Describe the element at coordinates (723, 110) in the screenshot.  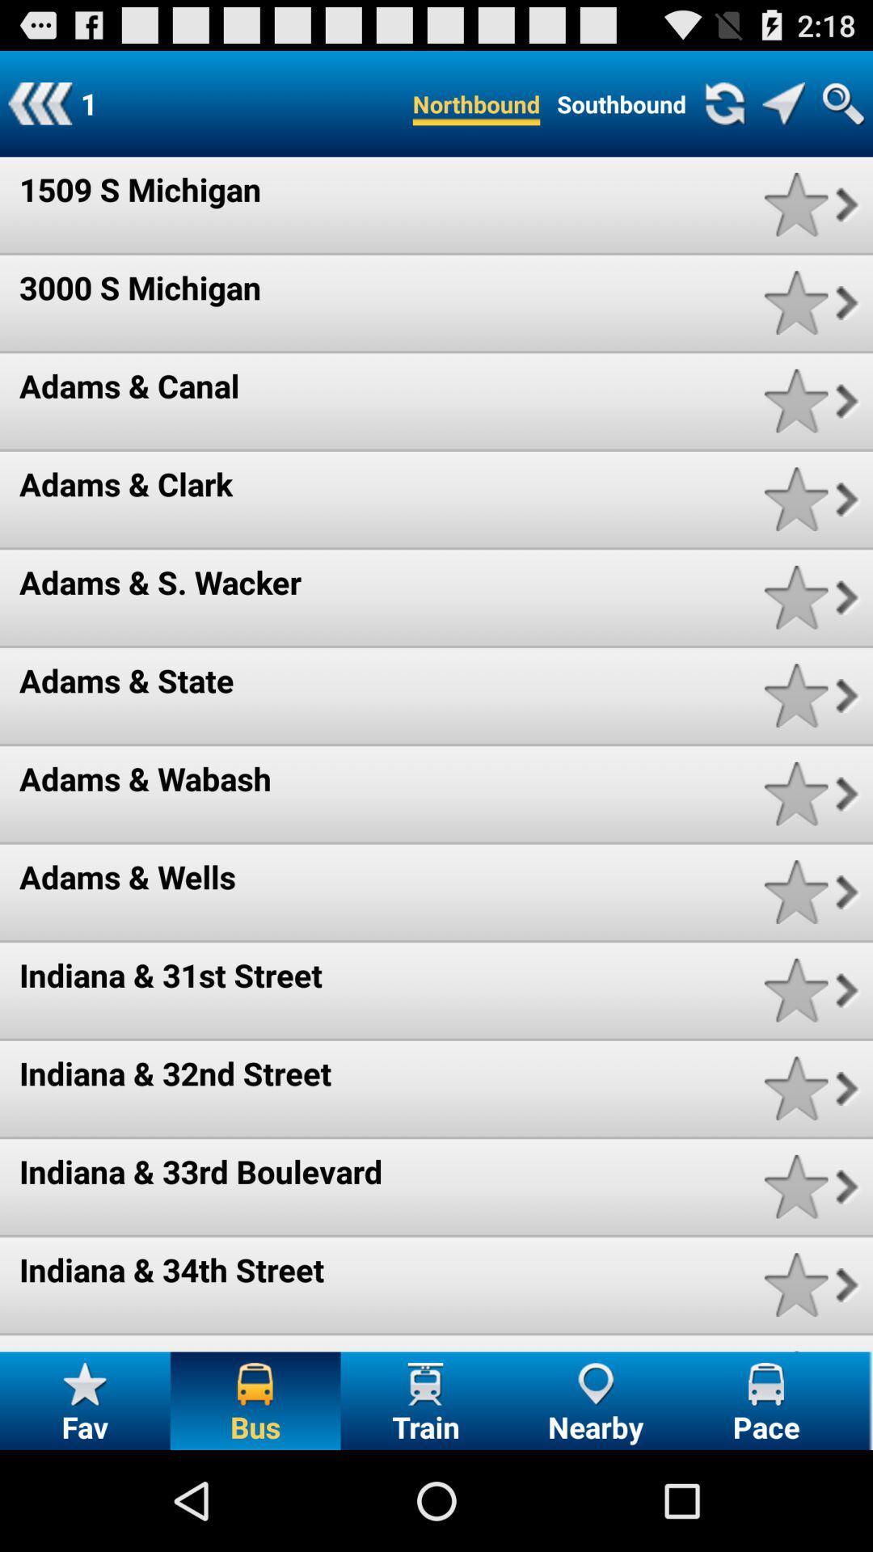
I see `the refresh icon` at that location.